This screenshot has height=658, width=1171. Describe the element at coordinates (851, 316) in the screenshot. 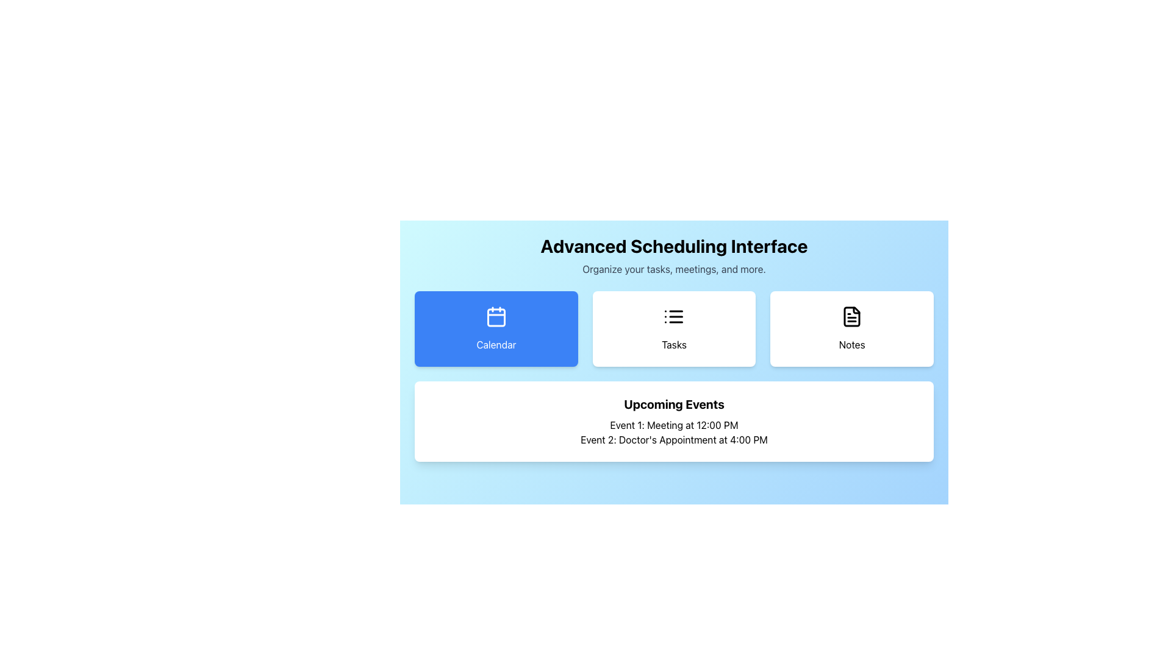

I see `the 'Notes' icon, which visually represents notes or textual documents, located within the white button labeled 'Notes' in the top-right corner of the main panel` at that location.